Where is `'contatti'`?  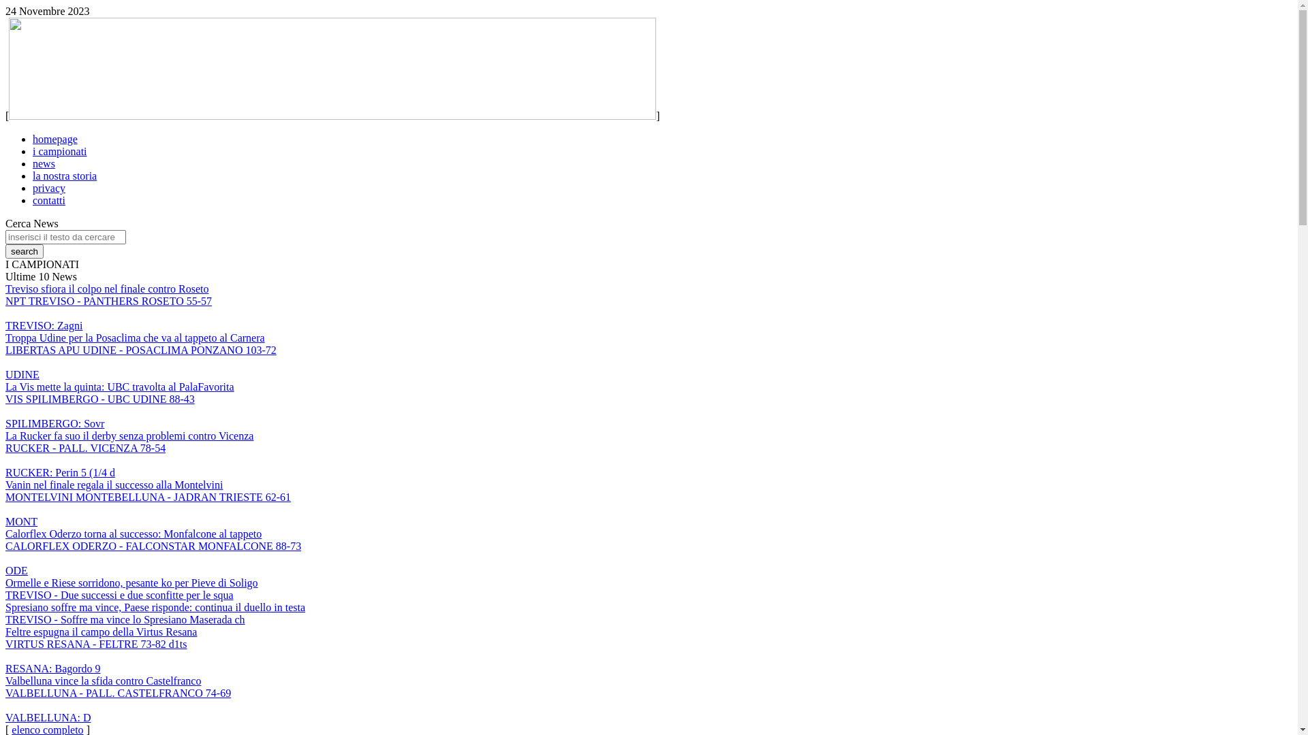
'contatti' is located at coordinates (33, 200).